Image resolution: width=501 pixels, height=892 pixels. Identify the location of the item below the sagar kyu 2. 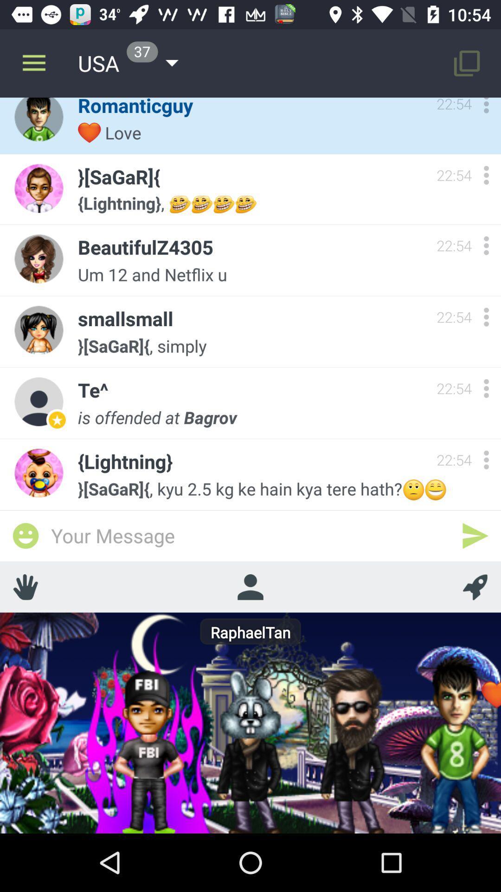
(250, 535).